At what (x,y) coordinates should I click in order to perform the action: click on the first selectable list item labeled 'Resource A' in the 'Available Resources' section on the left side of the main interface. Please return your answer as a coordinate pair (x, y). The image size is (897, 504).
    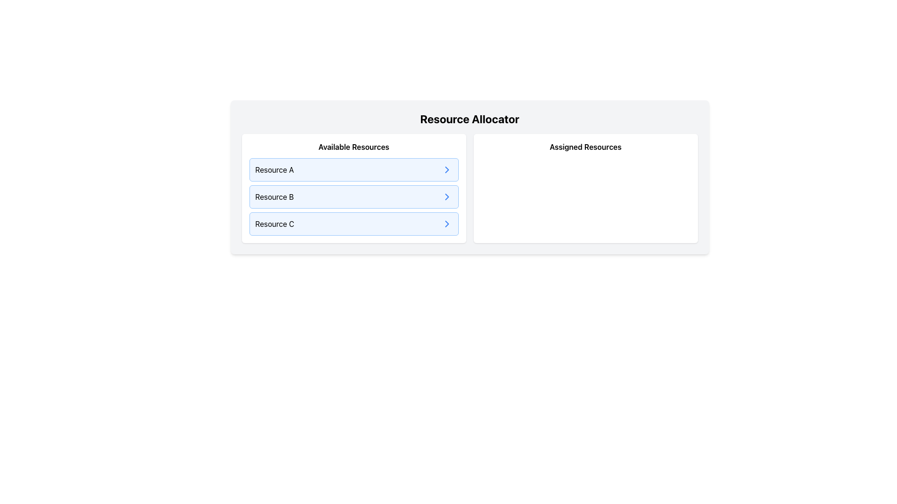
    Looking at the image, I should click on (353, 169).